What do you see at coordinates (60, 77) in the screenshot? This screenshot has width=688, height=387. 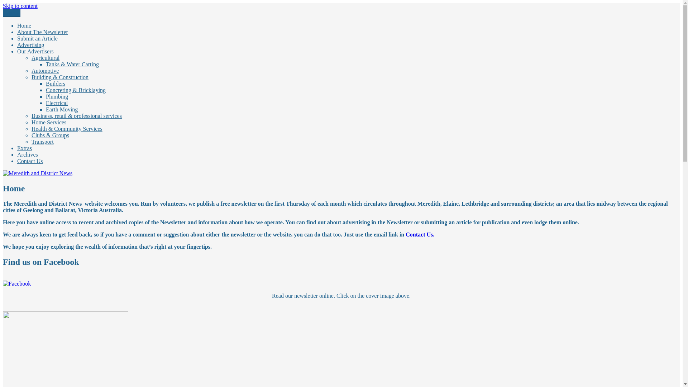 I see `'Building & Construction'` at bounding box center [60, 77].